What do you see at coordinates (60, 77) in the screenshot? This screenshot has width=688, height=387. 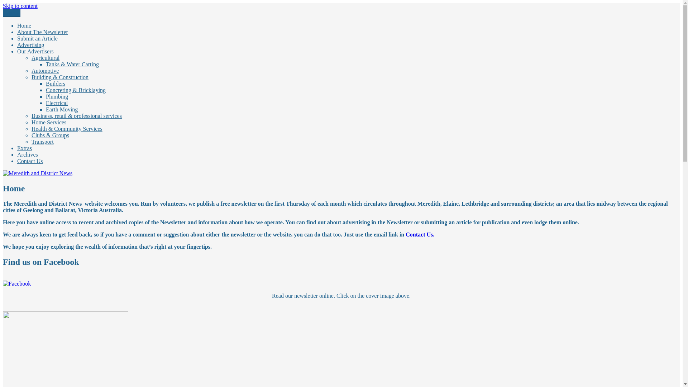 I see `'Building & Construction'` at bounding box center [60, 77].